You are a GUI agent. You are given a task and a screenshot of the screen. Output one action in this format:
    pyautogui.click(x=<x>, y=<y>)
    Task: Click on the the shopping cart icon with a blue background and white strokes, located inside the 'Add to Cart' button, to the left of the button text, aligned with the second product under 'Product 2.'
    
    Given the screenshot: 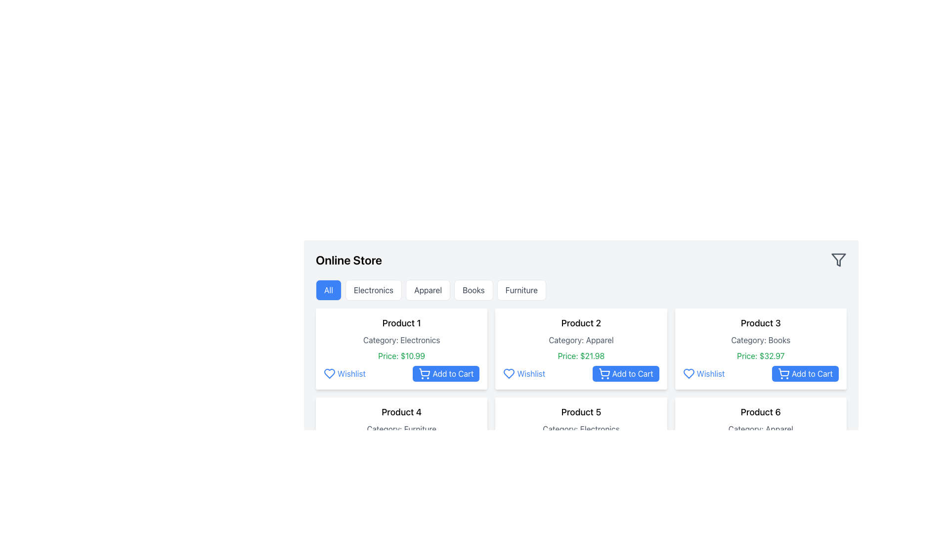 What is the action you would take?
    pyautogui.click(x=425, y=374)
    